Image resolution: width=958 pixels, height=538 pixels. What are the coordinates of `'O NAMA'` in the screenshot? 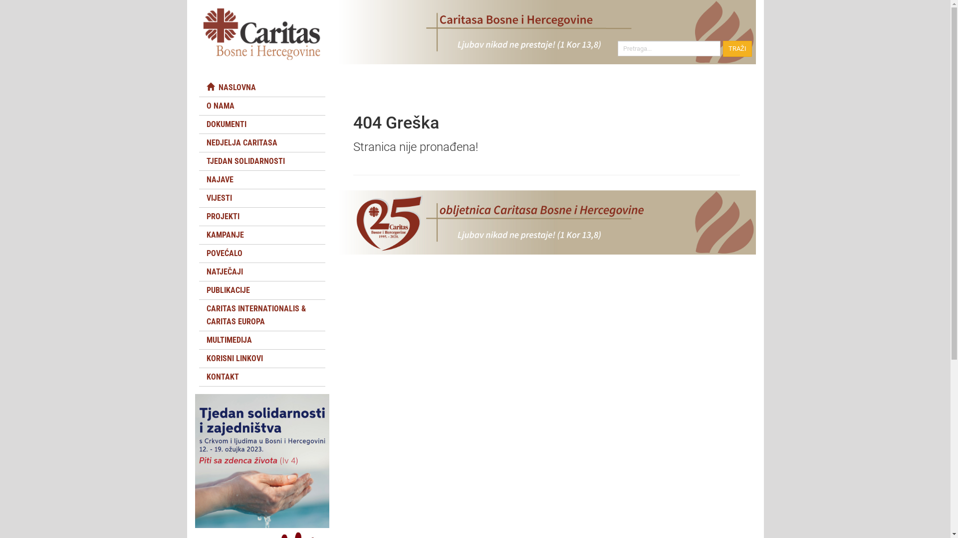 It's located at (261, 106).